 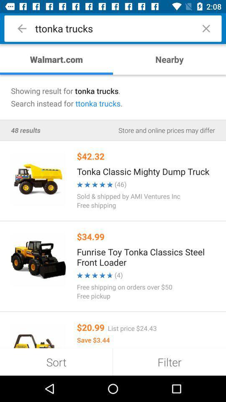 I want to click on back arrow symbol, so click(x=22, y=28).